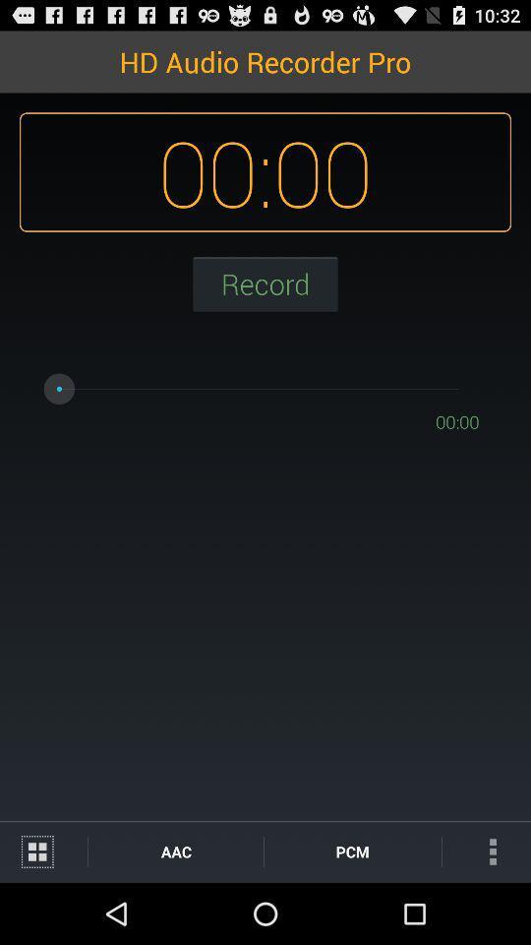 The height and width of the screenshot is (945, 531). Describe the element at coordinates (485, 850) in the screenshot. I see `the icon below the 00:00 icon` at that location.